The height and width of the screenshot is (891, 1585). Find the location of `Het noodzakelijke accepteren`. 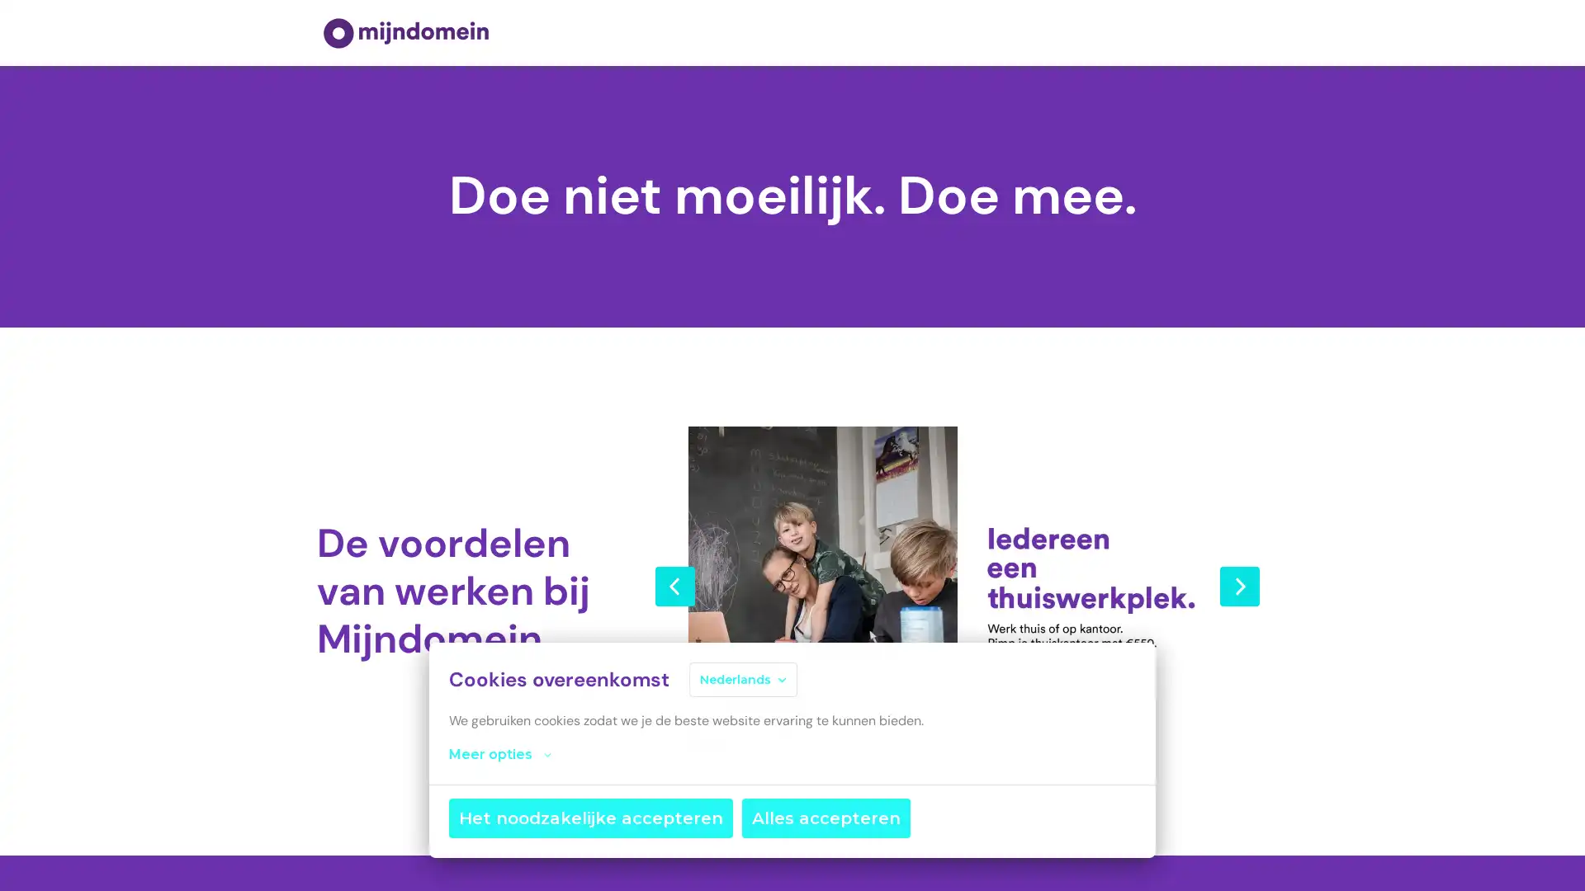

Het noodzakelijke accepteren is located at coordinates (590, 818).